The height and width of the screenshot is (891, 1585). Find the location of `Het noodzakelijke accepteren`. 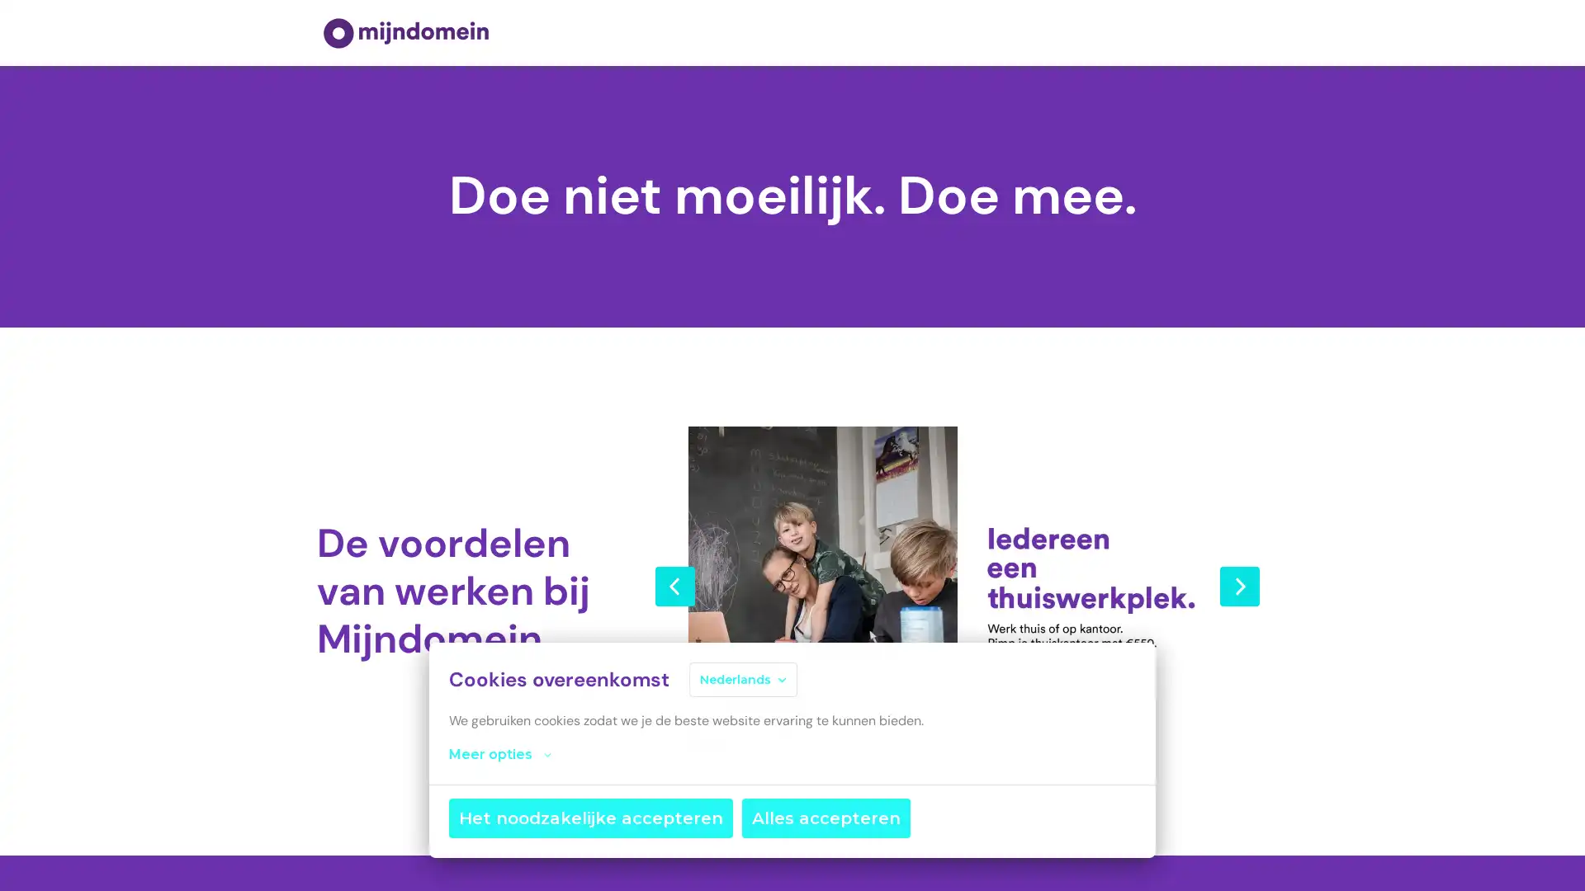

Het noodzakelijke accepteren is located at coordinates (590, 818).